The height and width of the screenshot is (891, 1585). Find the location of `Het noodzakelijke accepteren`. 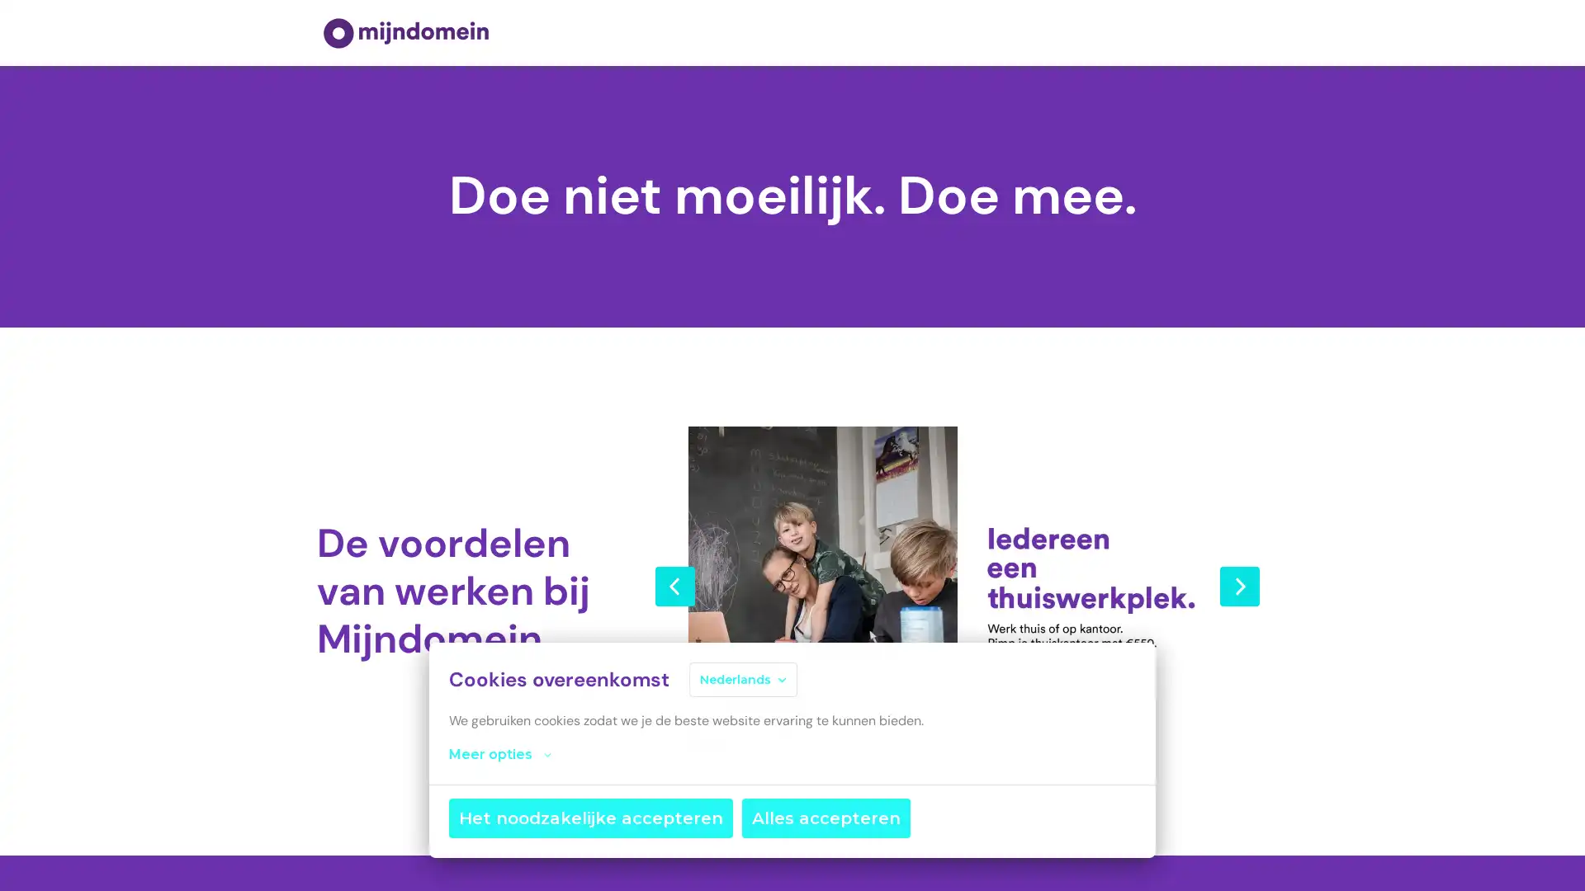

Het noodzakelijke accepteren is located at coordinates (590, 818).